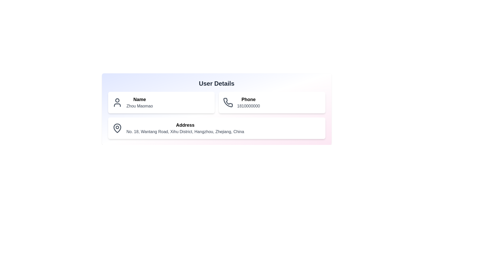 This screenshot has height=277, width=492. Describe the element at coordinates (117, 100) in the screenshot. I see `the circular profile icon representing the user, located to the left of the text 'Name: Zhou Maomao' within the user details section` at that location.